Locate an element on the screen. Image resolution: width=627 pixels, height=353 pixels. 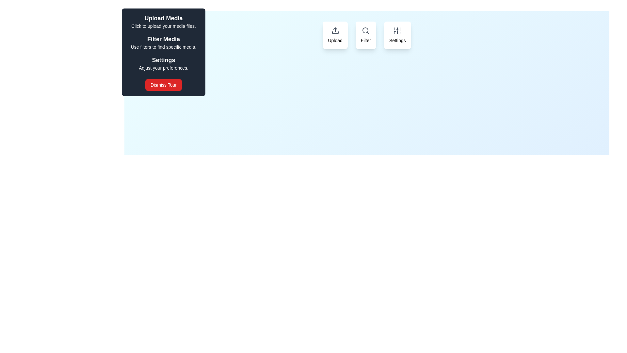
the 'Filter Media' header text is located at coordinates (163, 39).